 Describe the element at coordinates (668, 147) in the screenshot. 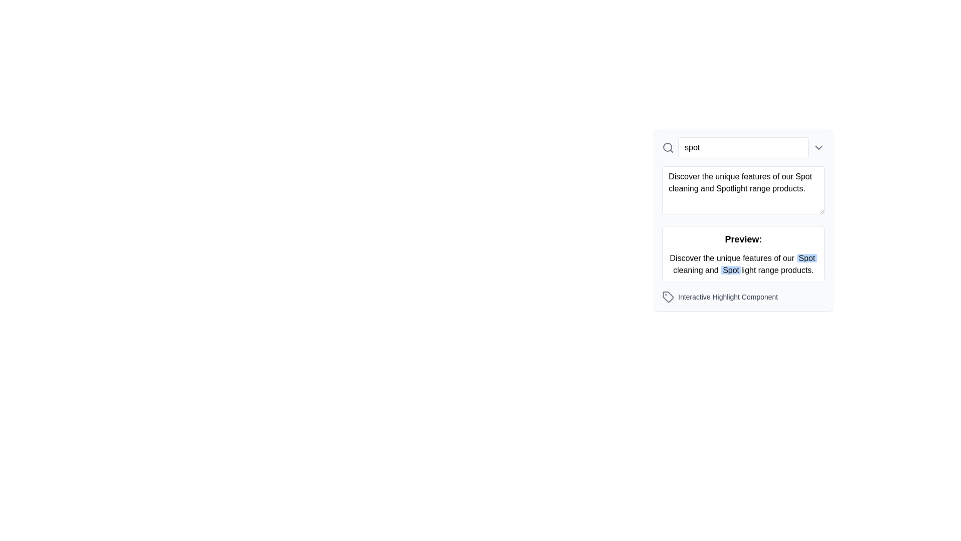

I see `the search icon located at the far left of the text input field labeled 'spot'` at that location.